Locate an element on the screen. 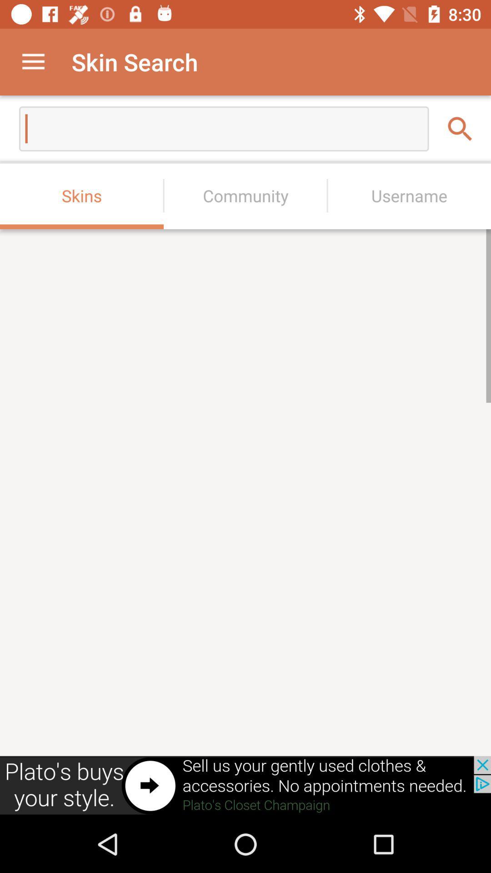  the search icon is located at coordinates (460, 128).